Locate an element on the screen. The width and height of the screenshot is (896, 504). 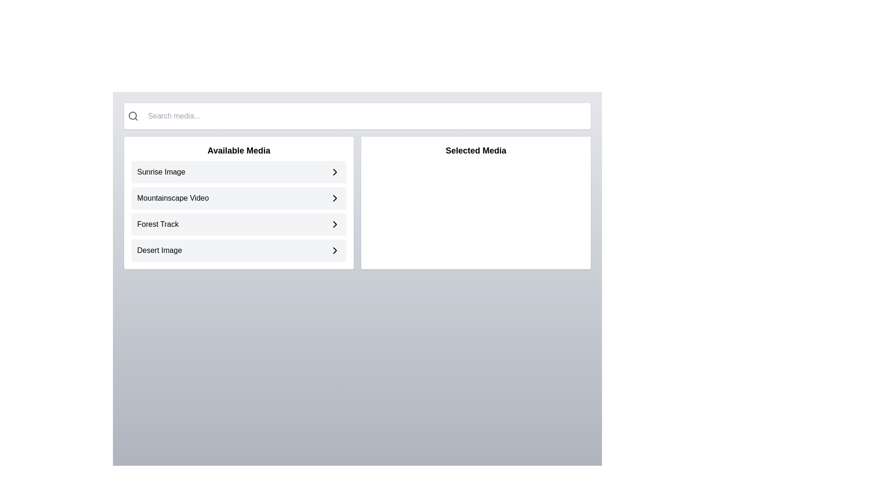
the last chevron icon in the vertical list aligned with the 'Desert Image' label is located at coordinates (335, 250).